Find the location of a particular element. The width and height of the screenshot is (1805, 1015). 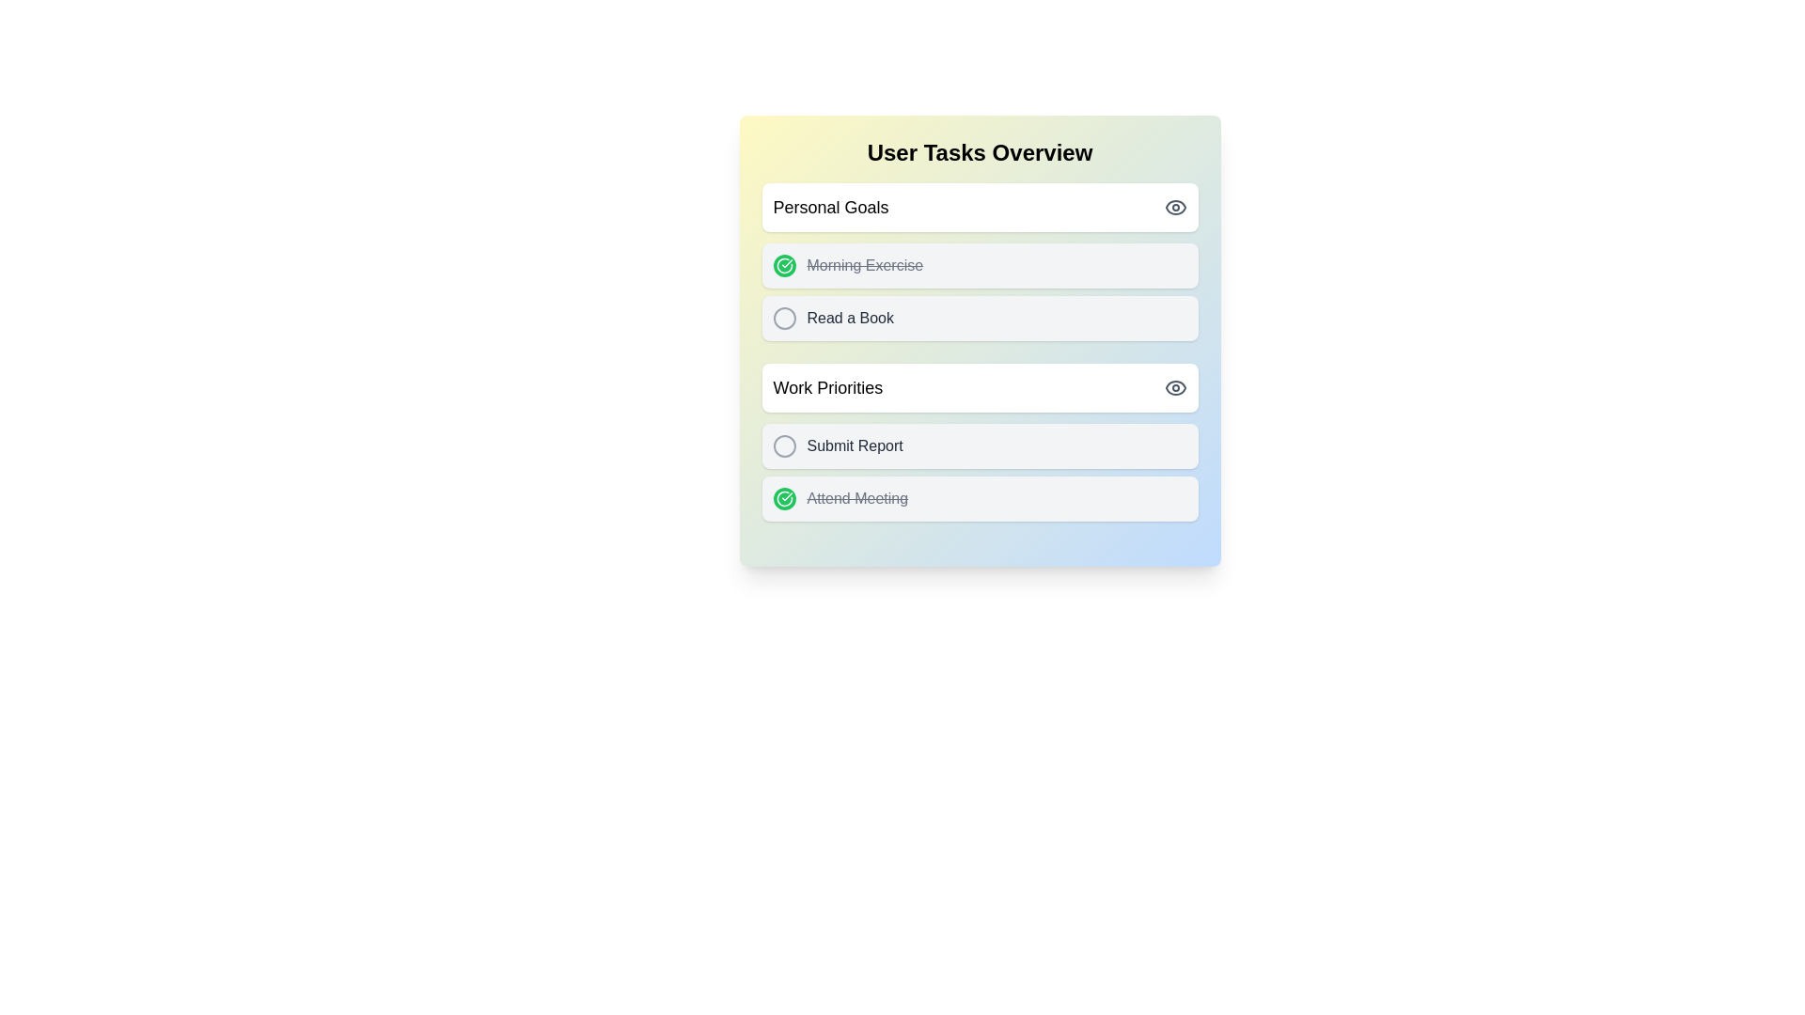

the round green Icon button with a white checkmark located in the top-left corner of the 'Attend Meeting' task item under 'Work Priorities' in the 'User Tasks Overview' section is located at coordinates (784, 498).